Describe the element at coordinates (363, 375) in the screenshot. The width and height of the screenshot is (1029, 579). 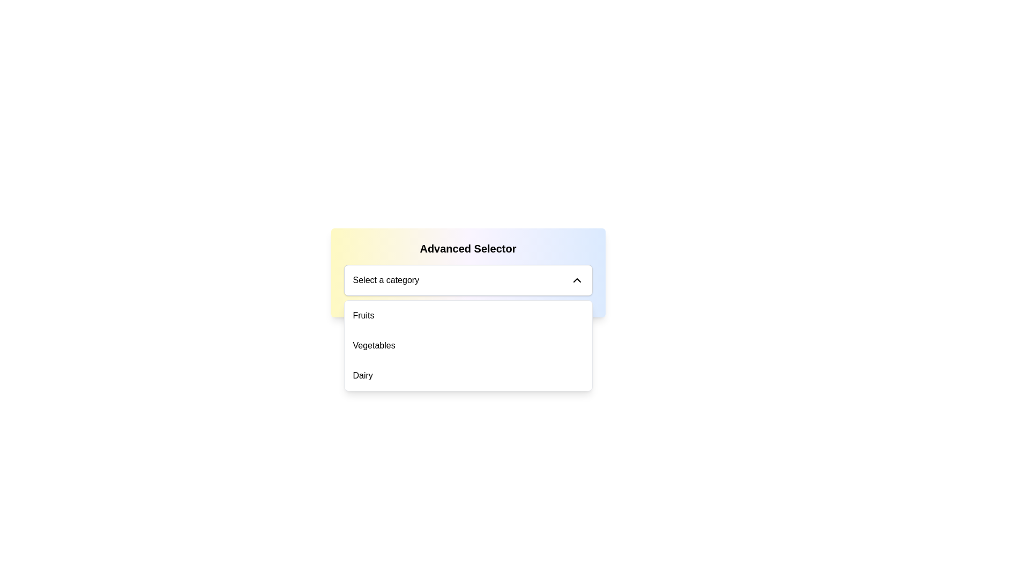
I see `the 'Dairy' item in the dropdown menu` at that location.